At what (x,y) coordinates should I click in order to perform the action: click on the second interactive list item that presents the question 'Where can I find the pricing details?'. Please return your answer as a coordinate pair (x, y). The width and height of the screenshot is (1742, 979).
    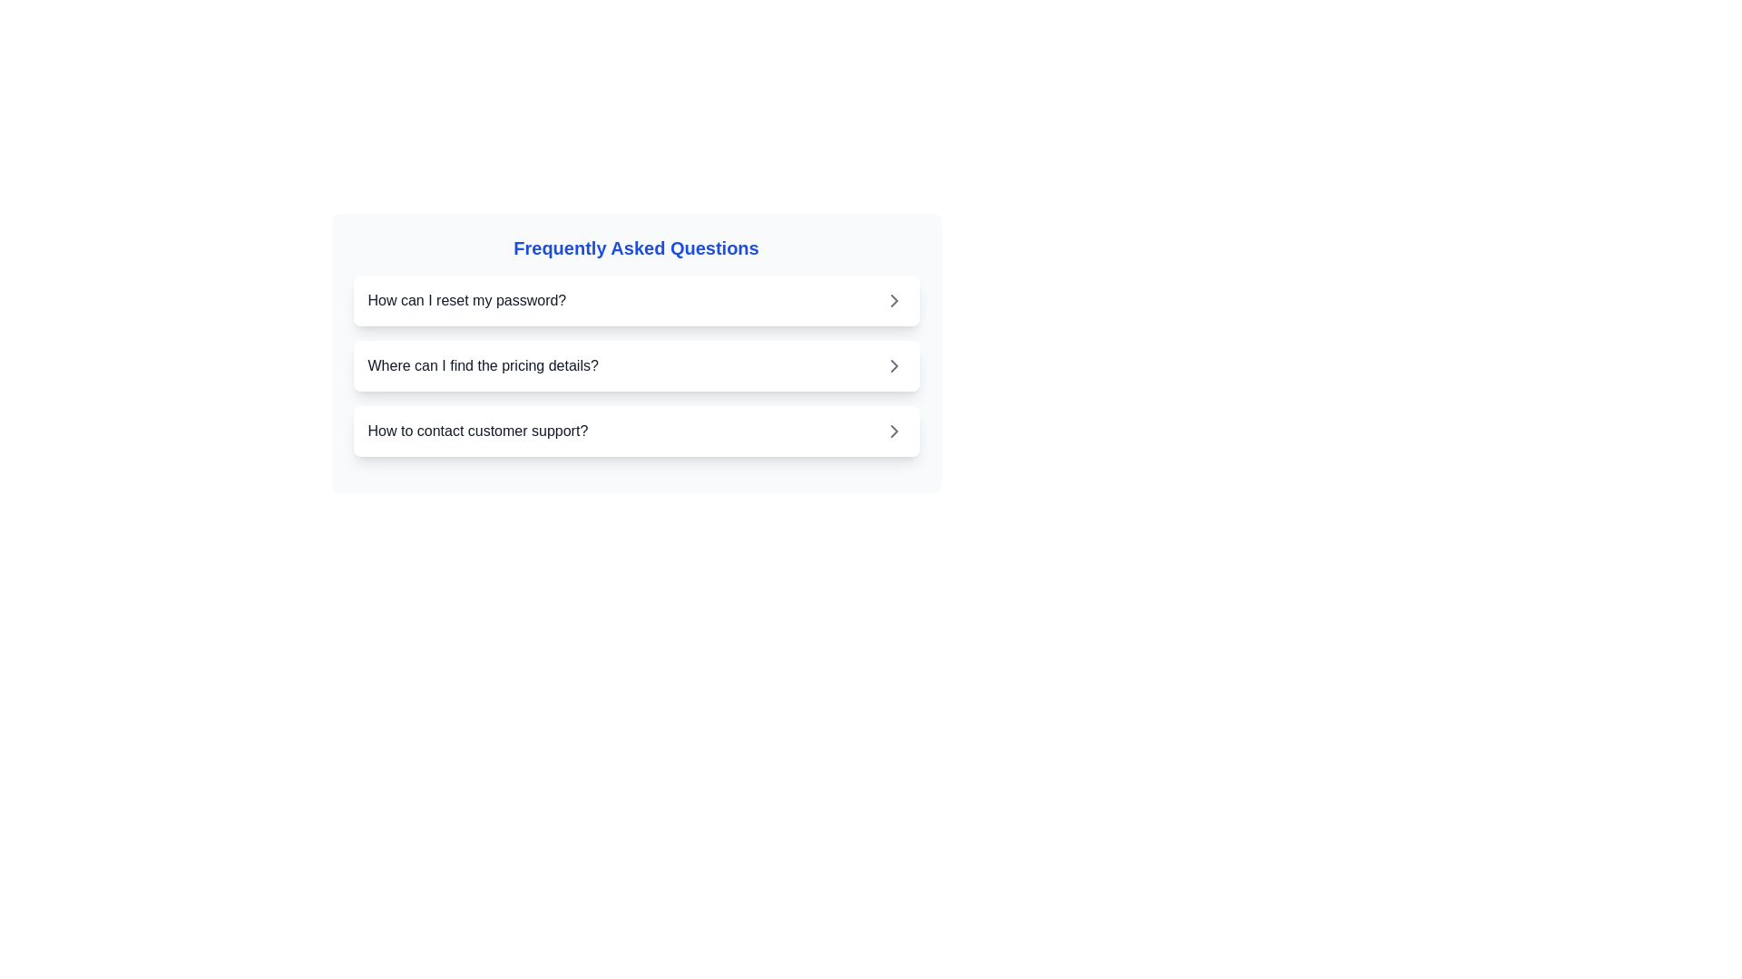
    Looking at the image, I should click on (636, 353).